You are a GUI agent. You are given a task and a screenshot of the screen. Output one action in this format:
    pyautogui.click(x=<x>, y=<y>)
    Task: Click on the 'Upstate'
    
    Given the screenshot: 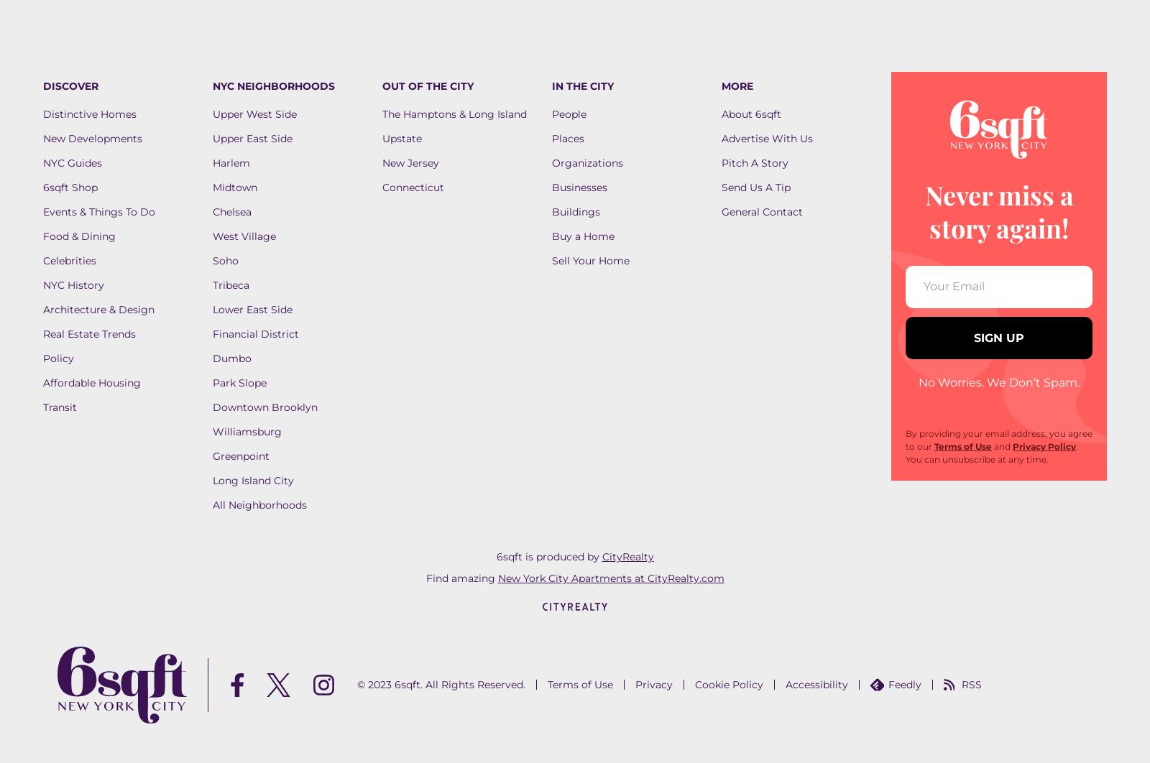 What is the action you would take?
    pyautogui.click(x=382, y=138)
    